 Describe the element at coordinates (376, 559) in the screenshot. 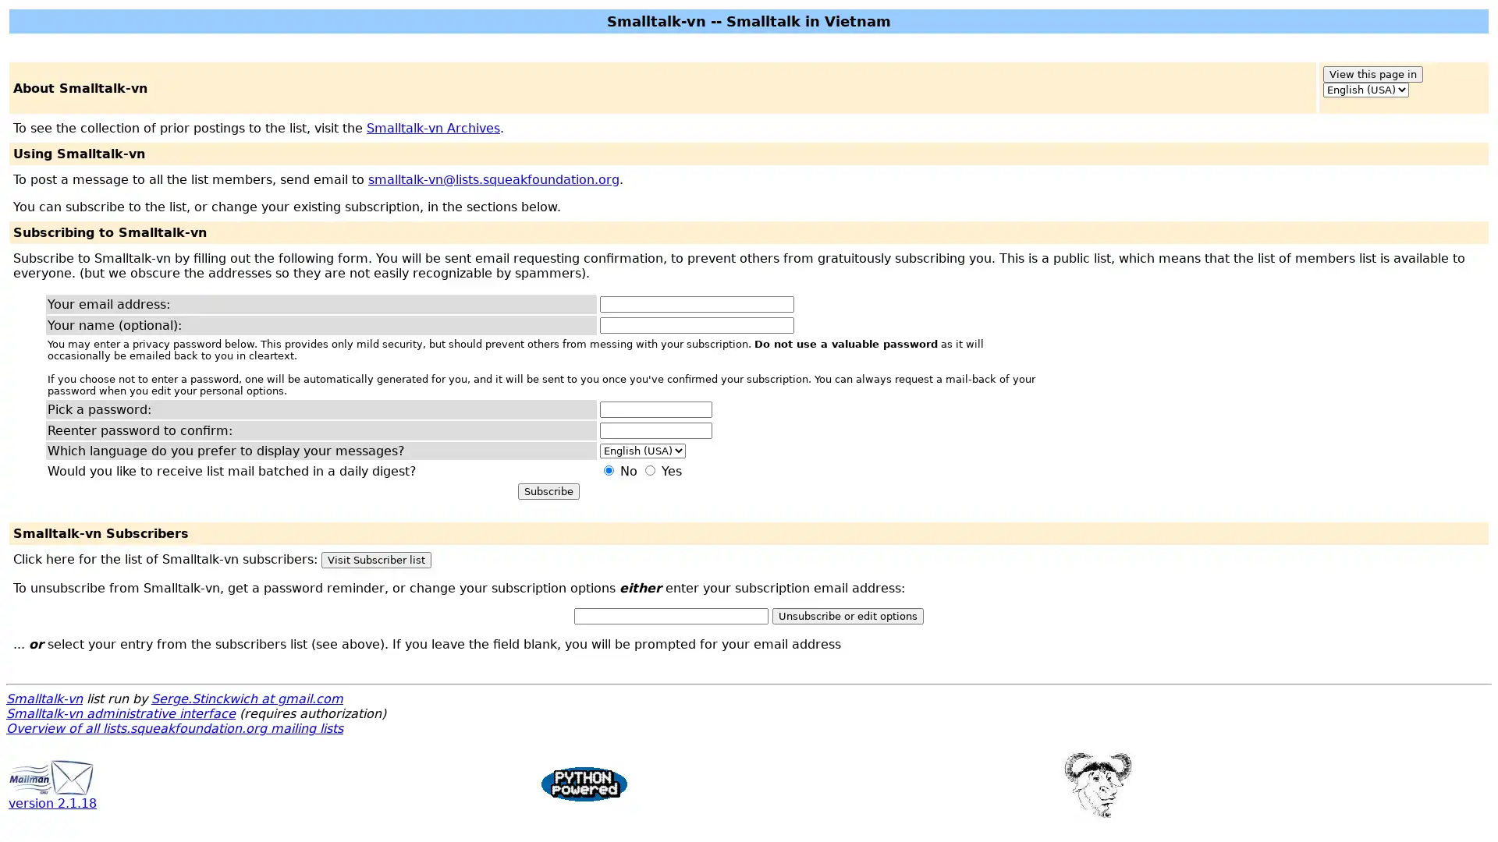

I see `Visit Subscriber list` at that location.